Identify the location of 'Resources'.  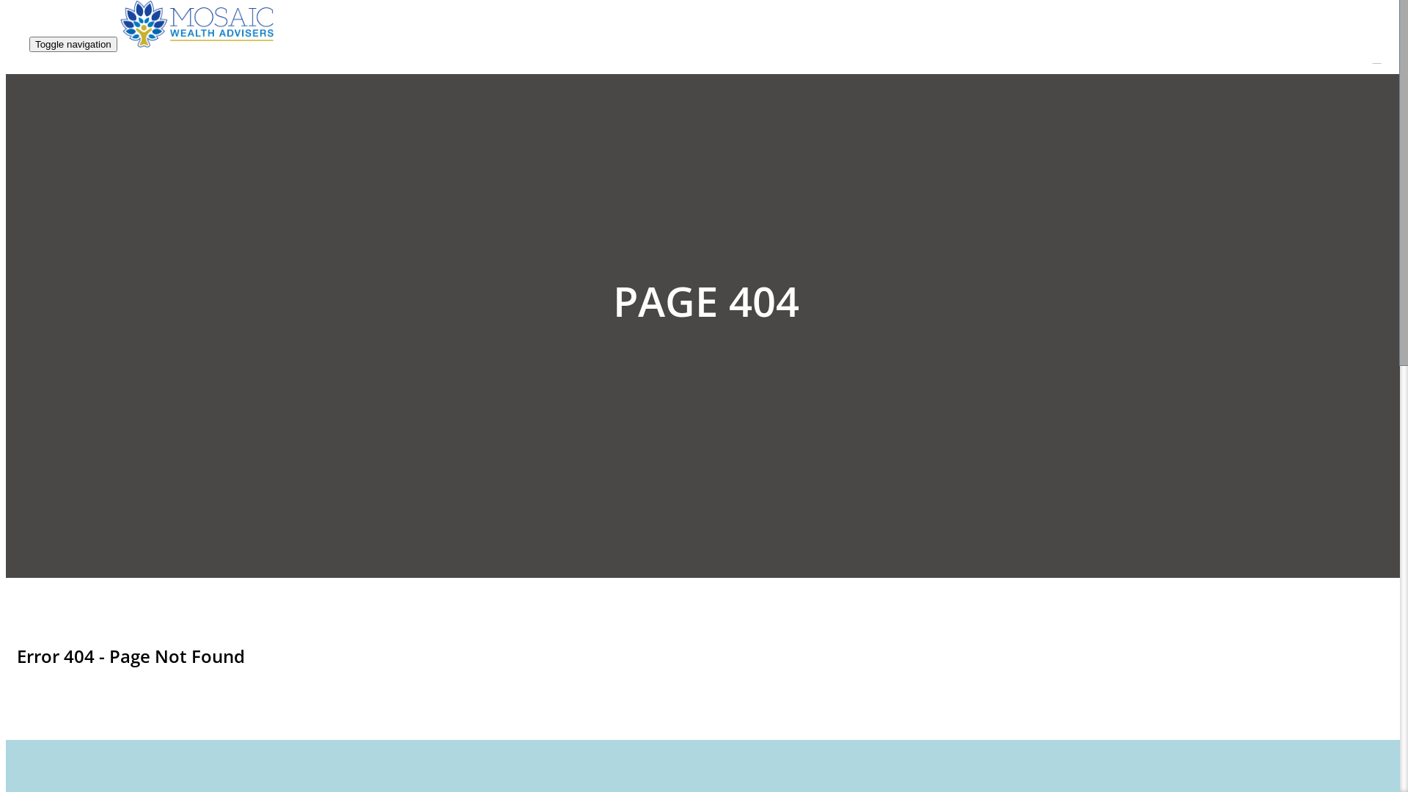
(1081, 331).